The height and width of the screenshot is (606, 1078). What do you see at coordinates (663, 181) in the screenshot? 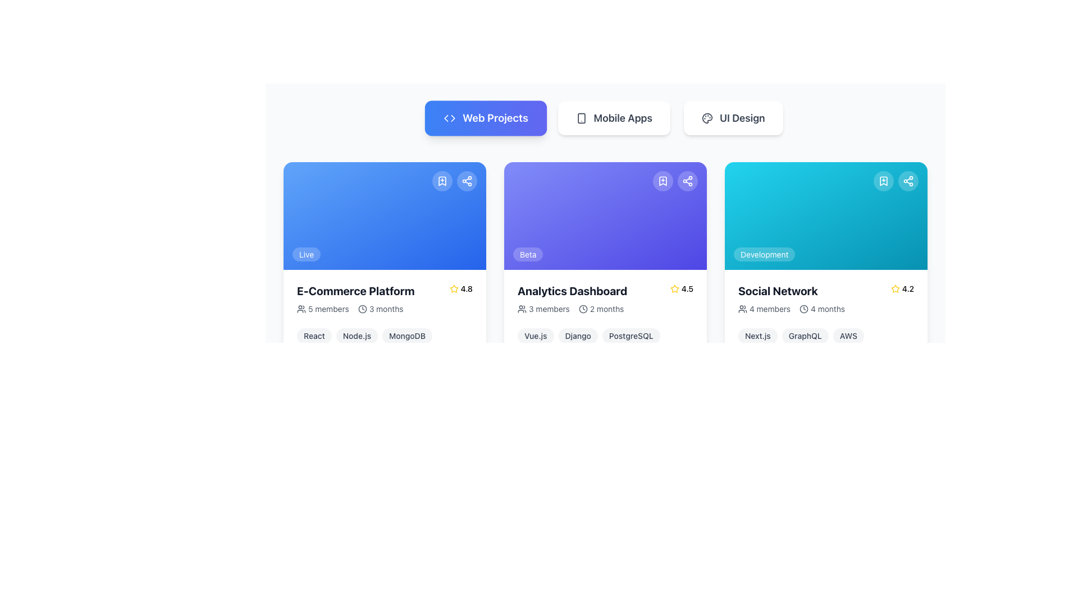
I see `the circular button with a white bookmark icon on a purple background located at the top-right corner of the 'Analytics Dashboard' card` at bounding box center [663, 181].